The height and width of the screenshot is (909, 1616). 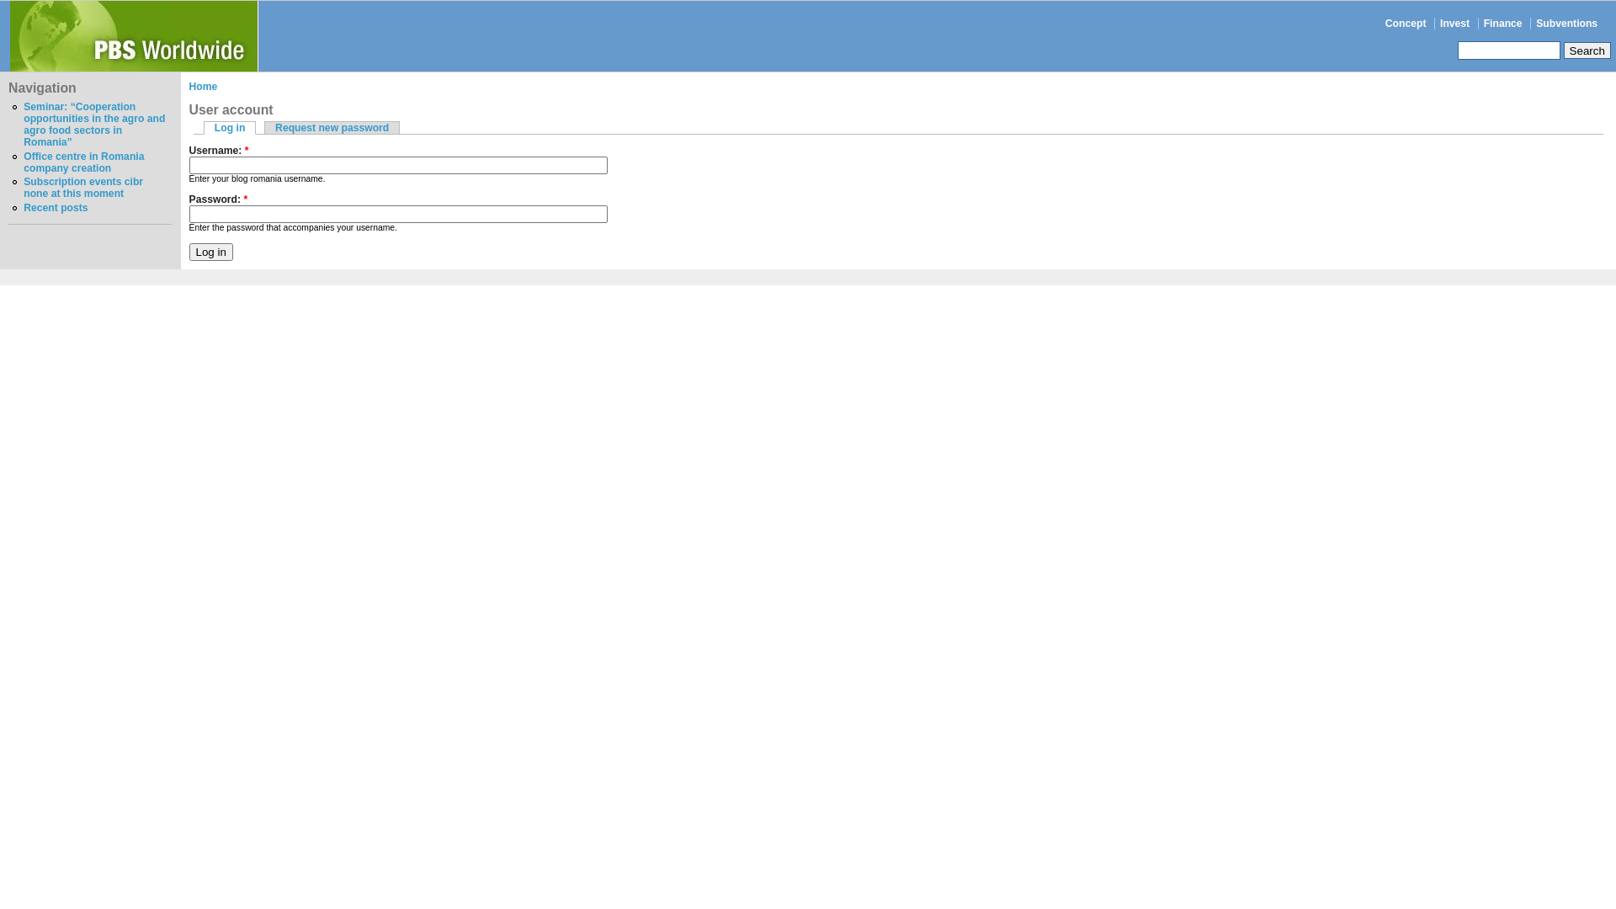 I want to click on 'Home', so click(x=202, y=87).